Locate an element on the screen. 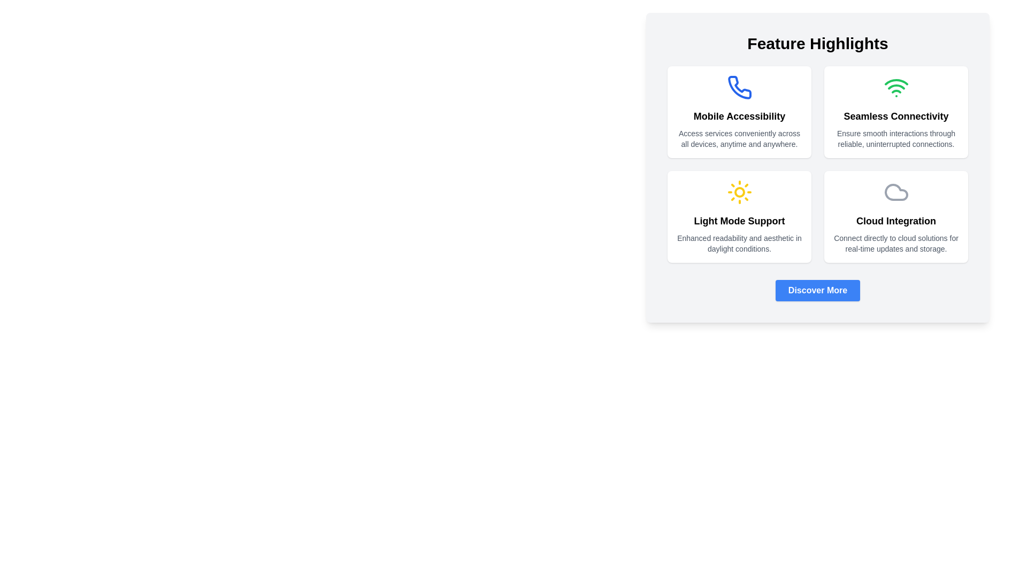  the Informational Card titled 'Cloud Integration' which is the fourth card in a grid layout, located at the bottom-right corner of the grid is located at coordinates (896, 216).